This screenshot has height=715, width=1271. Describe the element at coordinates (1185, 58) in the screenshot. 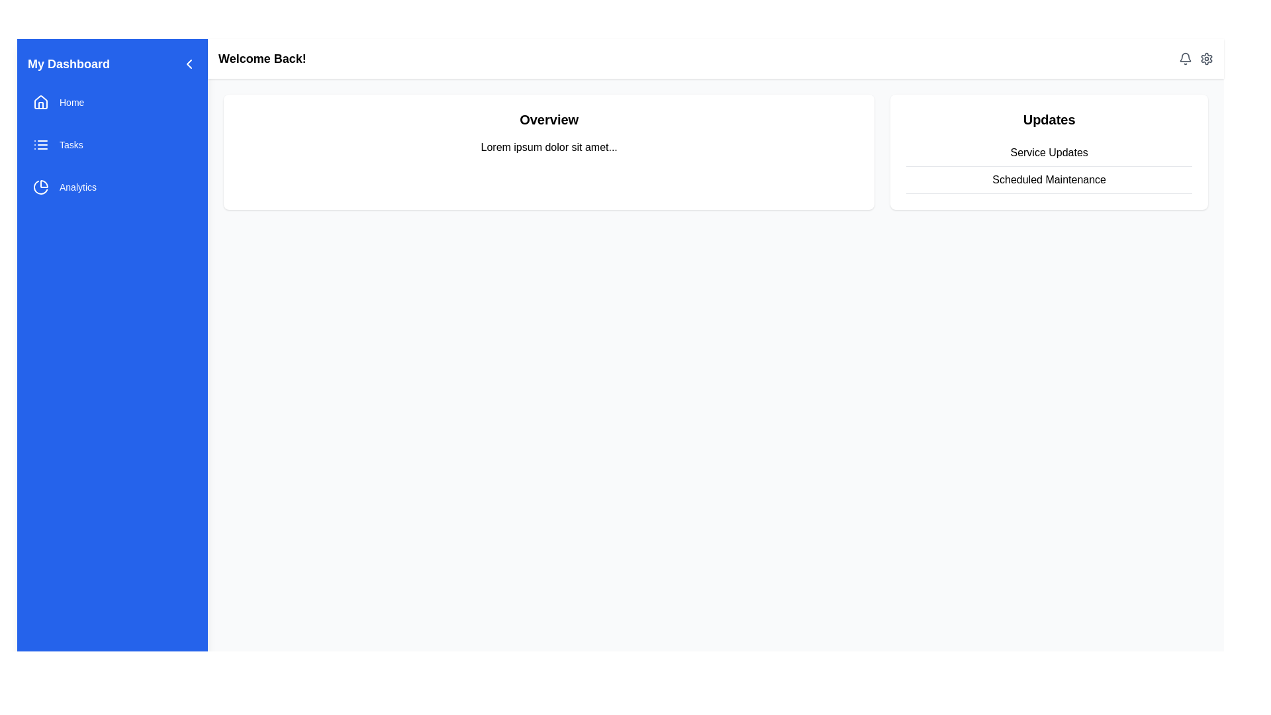

I see `the bell icon located at the top-right corner of the user interface` at that location.